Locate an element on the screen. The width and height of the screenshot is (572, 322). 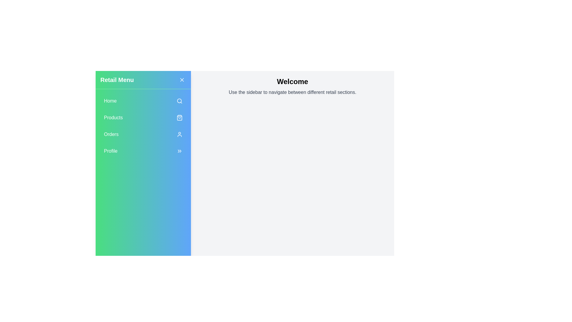
the Navigation menu item that directs to the Products section, positioned second in the sidebar below 'Home' is located at coordinates (143, 117).